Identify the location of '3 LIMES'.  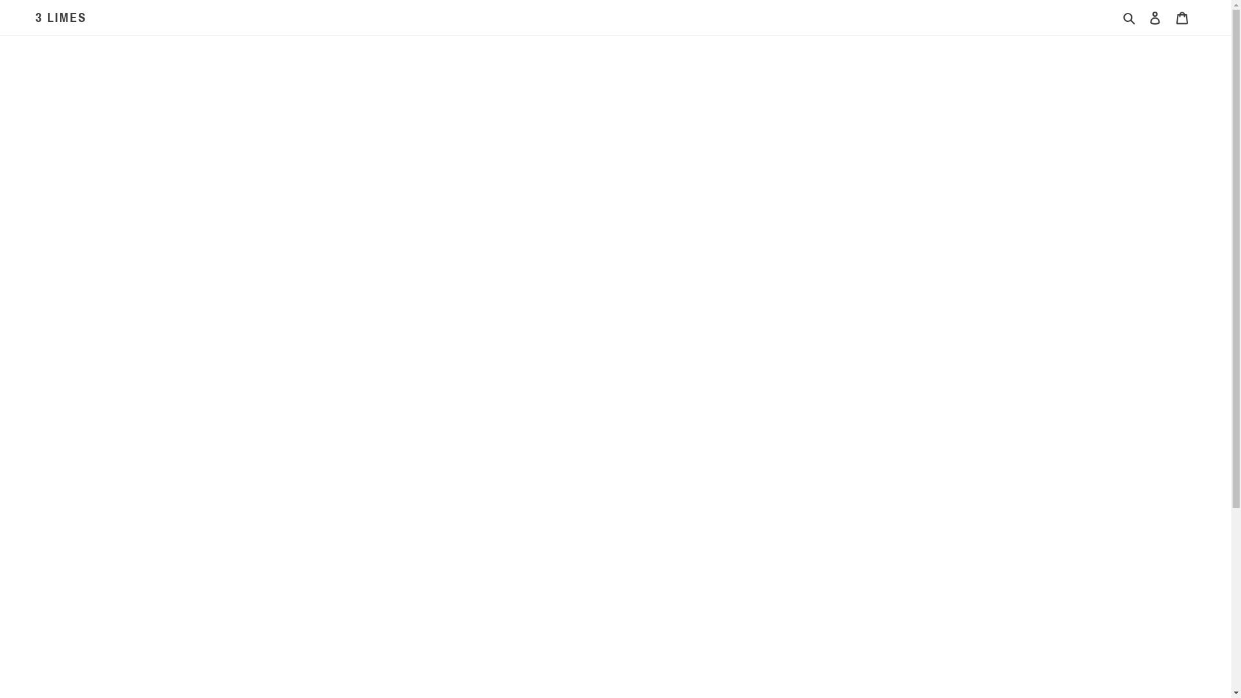
(60, 17).